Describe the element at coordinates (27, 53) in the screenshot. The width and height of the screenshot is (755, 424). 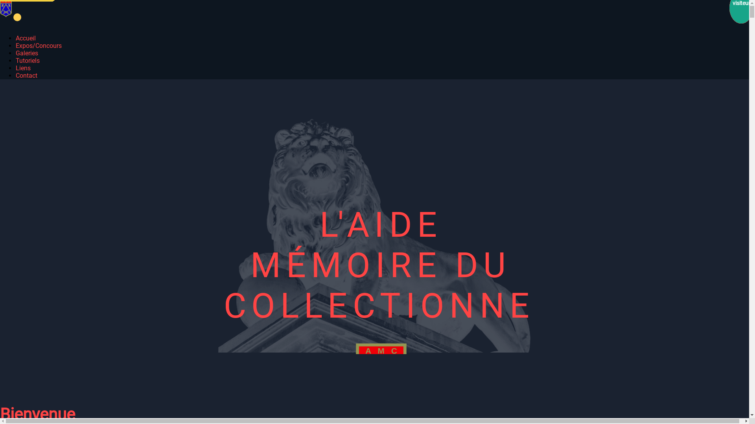
I see `'Galeries'` at that location.